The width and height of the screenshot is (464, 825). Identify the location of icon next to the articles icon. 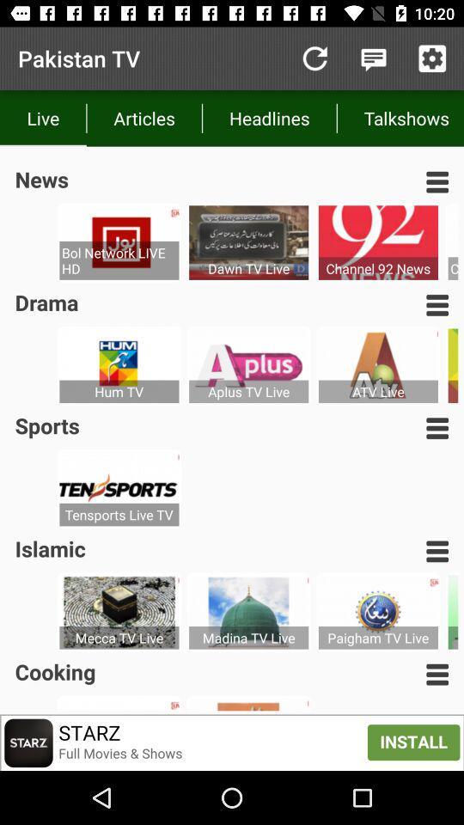
(269, 117).